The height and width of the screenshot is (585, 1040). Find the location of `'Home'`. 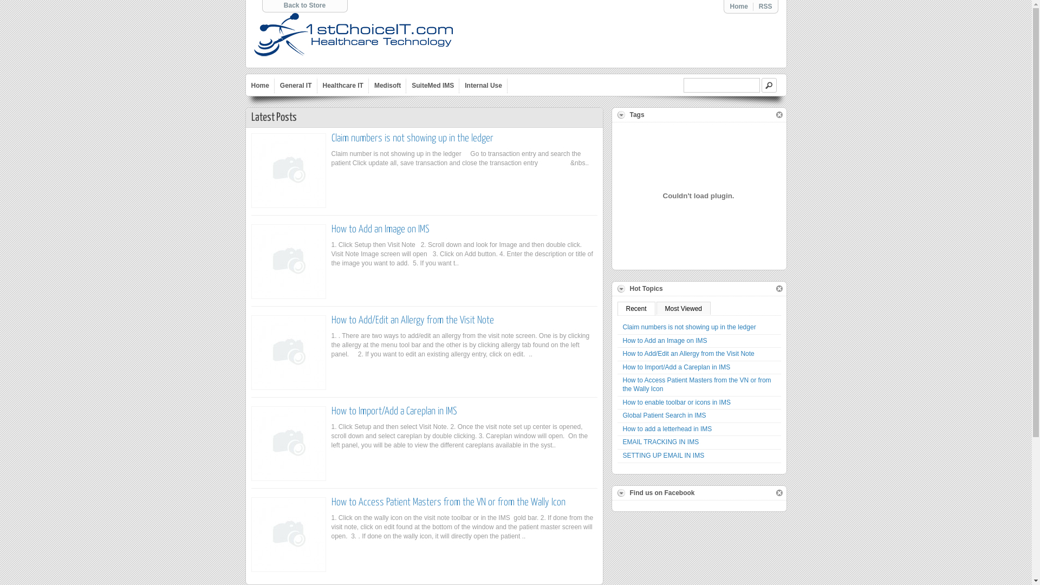

'Home' is located at coordinates (260, 84).